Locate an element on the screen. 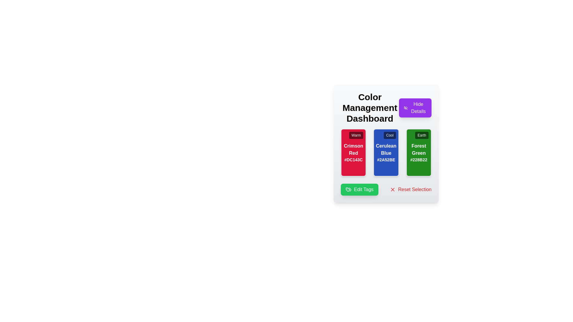 Image resolution: width=573 pixels, height=322 pixels. the rectangular button with a purple background and white text that reads 'Hide Details', located at the top-right corner next to the 'Color Management Dashboard' text is located at coordinates (415, 108).